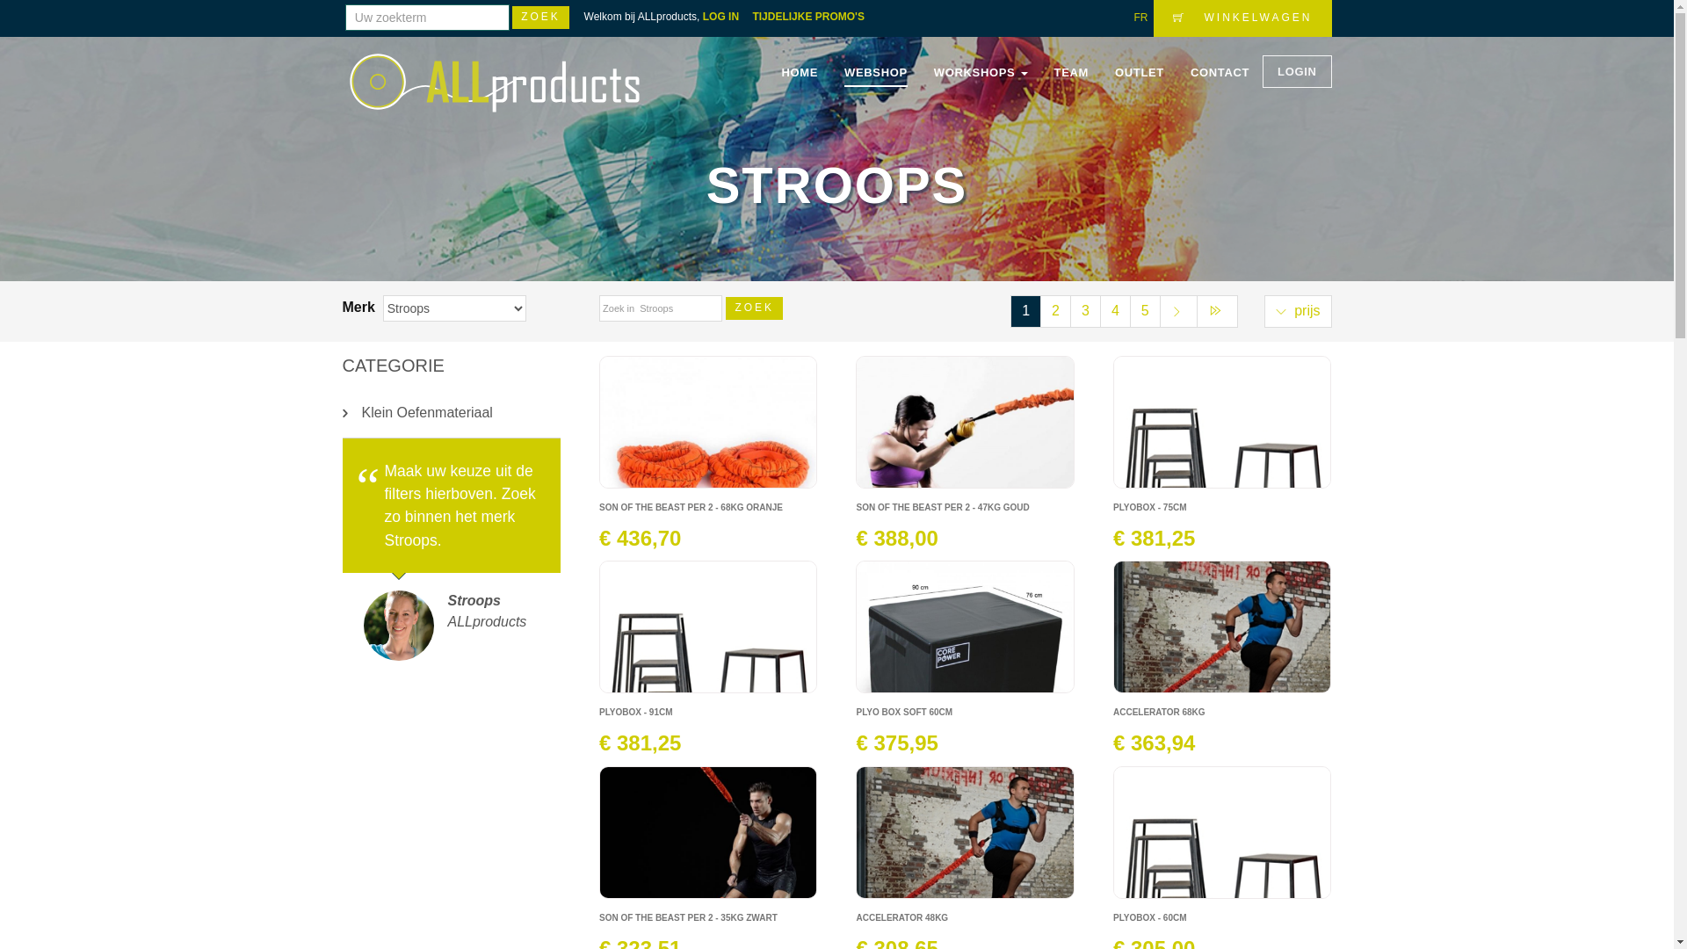 Image resolution: width=1687 pixels, height=949 pixels. What do you see at coordinates (1069, 310) in the screenshot?
I see `'3'` at bounding box center [1069, 310].